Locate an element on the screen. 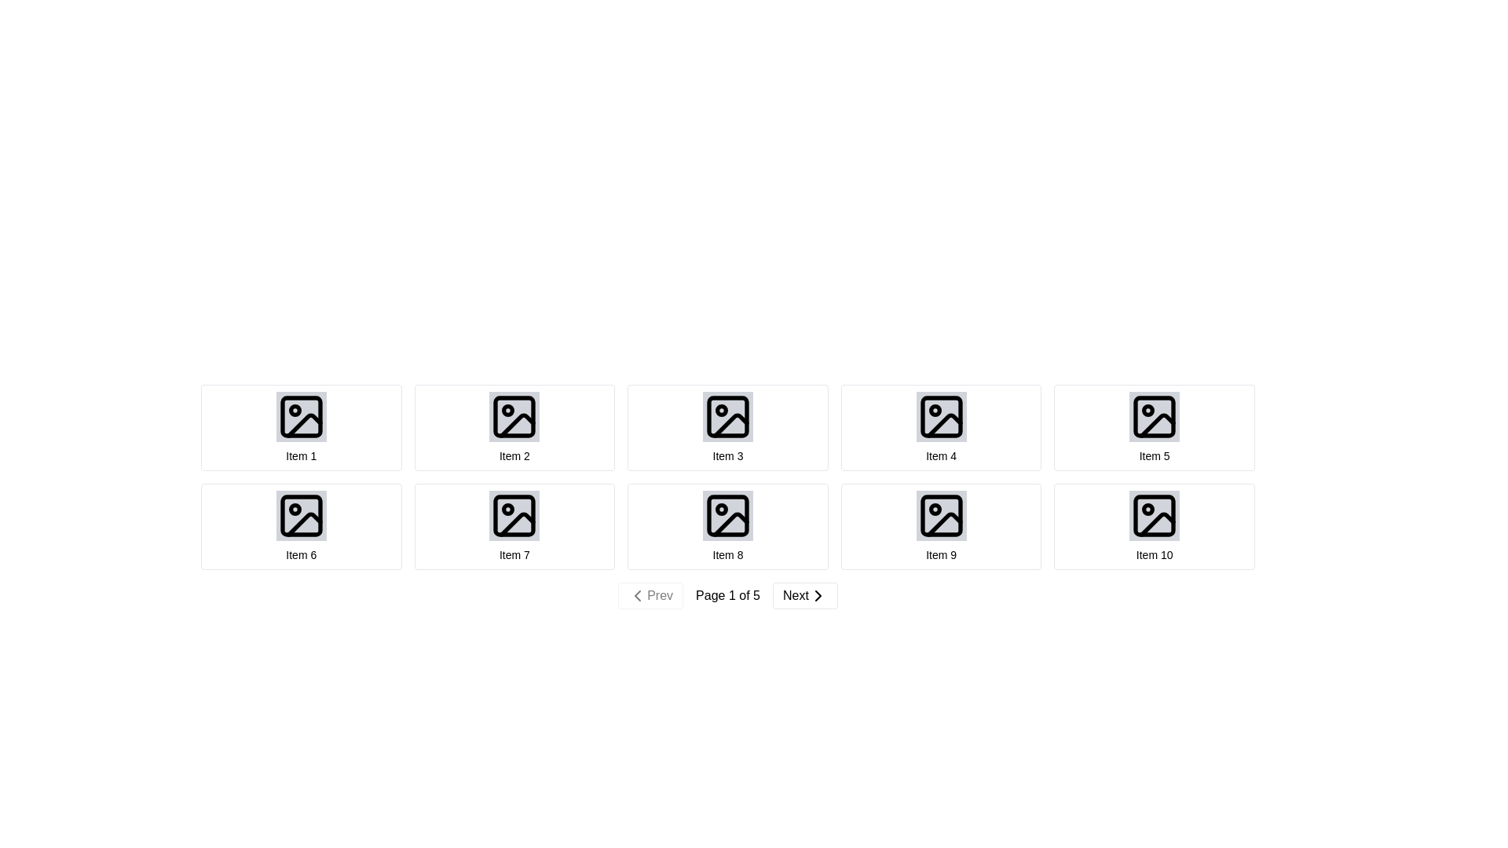 Image resolution: width=1508 pixels, height=848 pixels. the decorative rectangular element within the top-left icon of the interface grid, which is styled as a filled rectangle with rounded corners and resides within an SVG image placeholder is located at coordinates (301, 416).